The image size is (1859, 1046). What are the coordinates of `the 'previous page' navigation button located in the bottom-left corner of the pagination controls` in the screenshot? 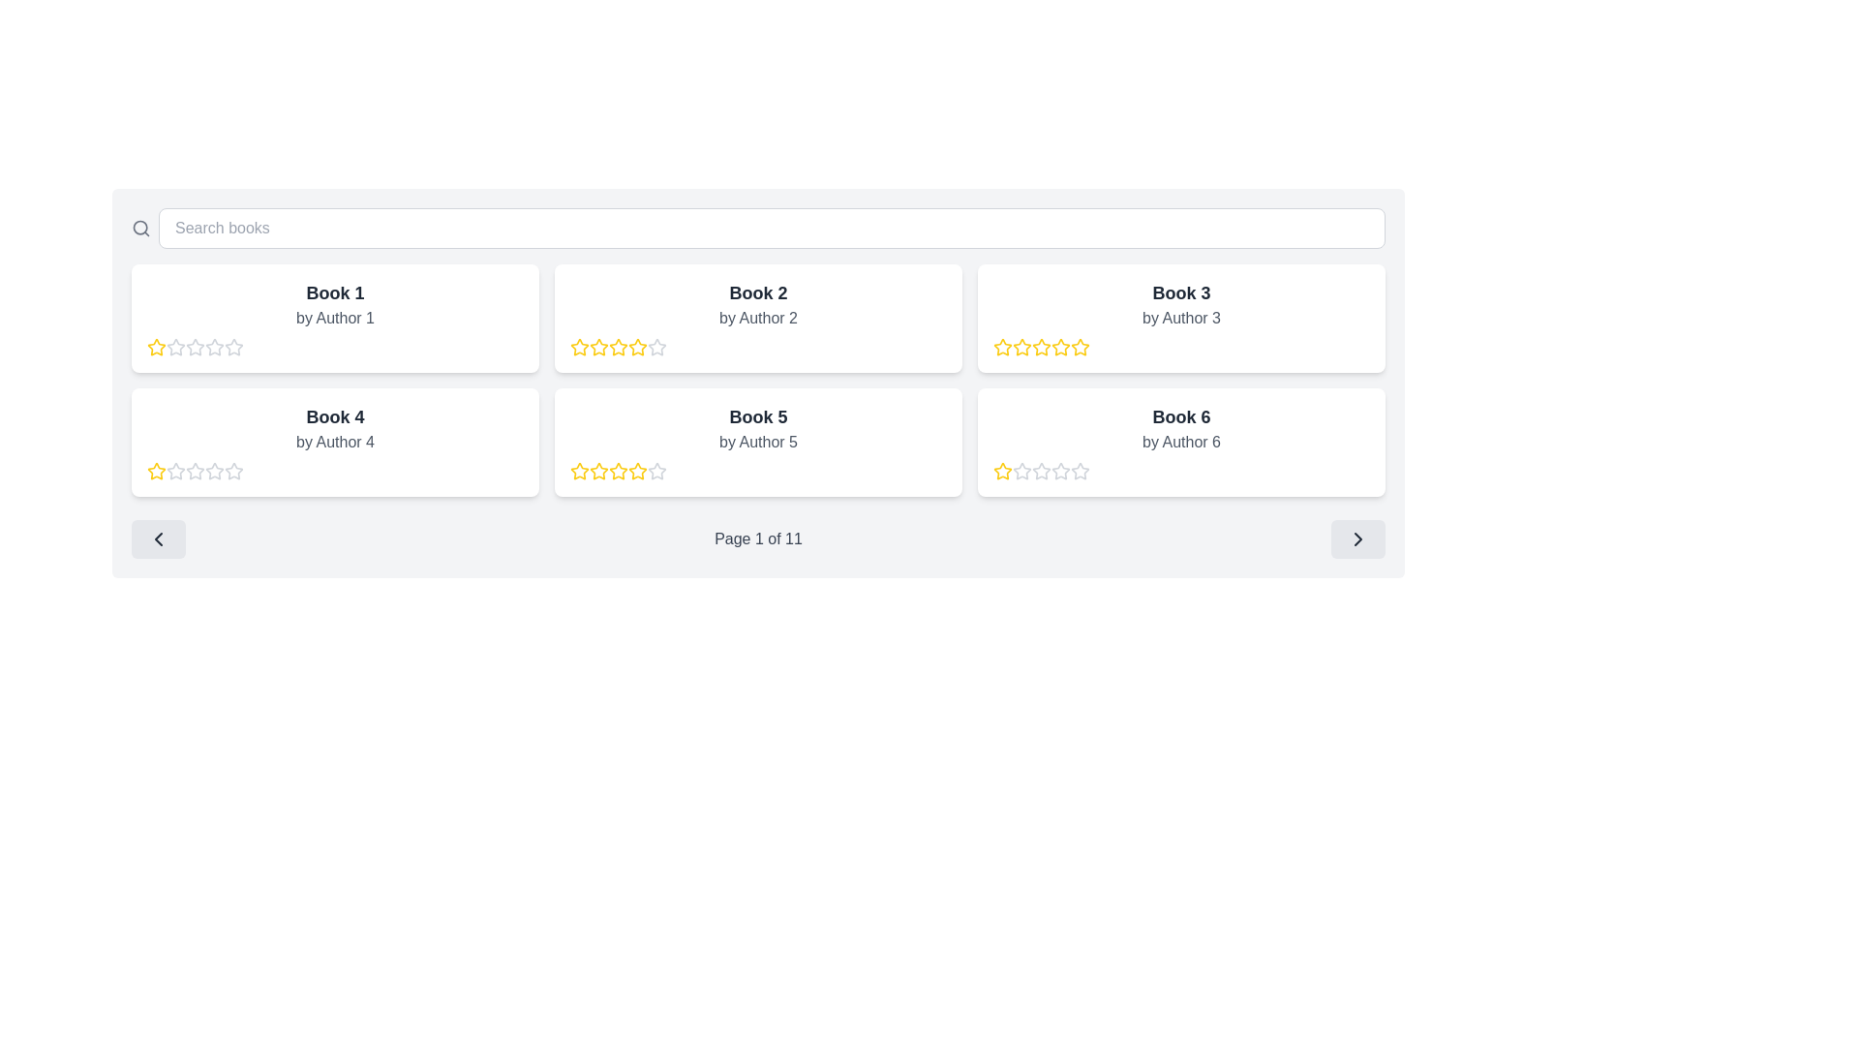 It's located at (158, 538).